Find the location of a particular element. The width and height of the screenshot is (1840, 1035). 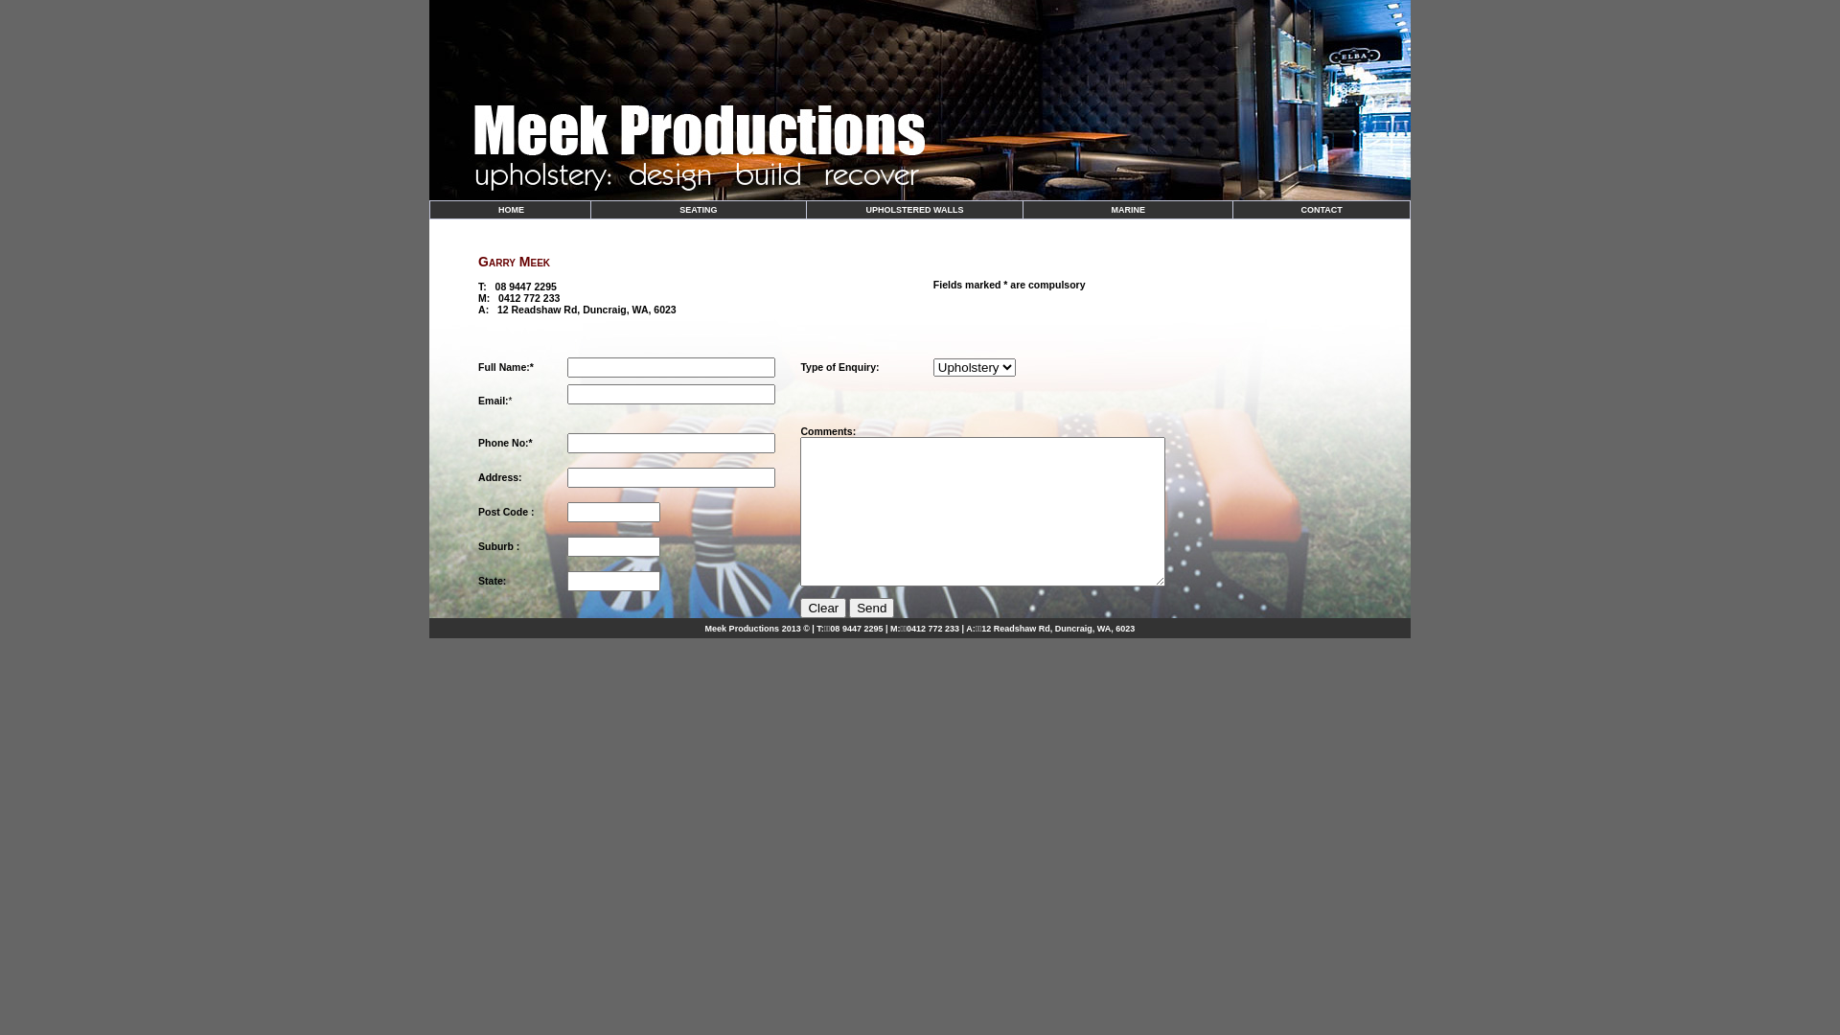

'Enter your Postcode' is located at coordinates (565, 511).